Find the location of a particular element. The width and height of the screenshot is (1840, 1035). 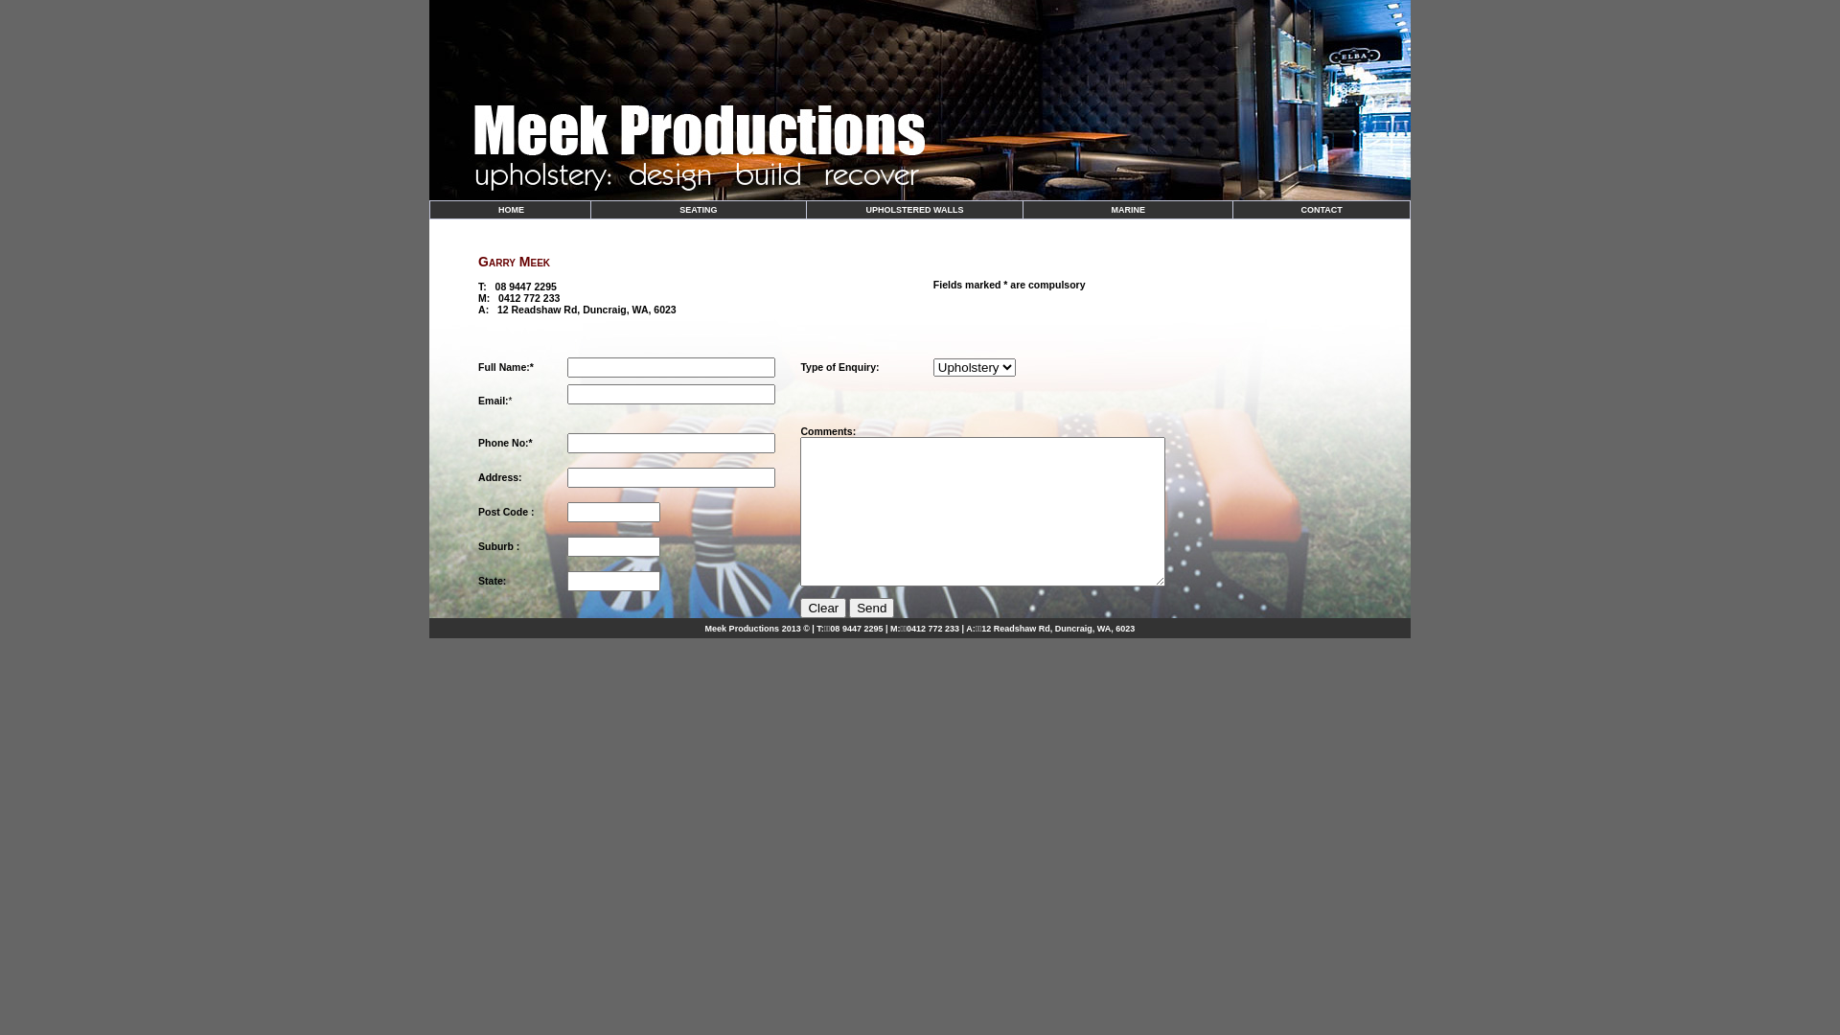

'Enter your Postcode' is located at coordinates (565, 511).